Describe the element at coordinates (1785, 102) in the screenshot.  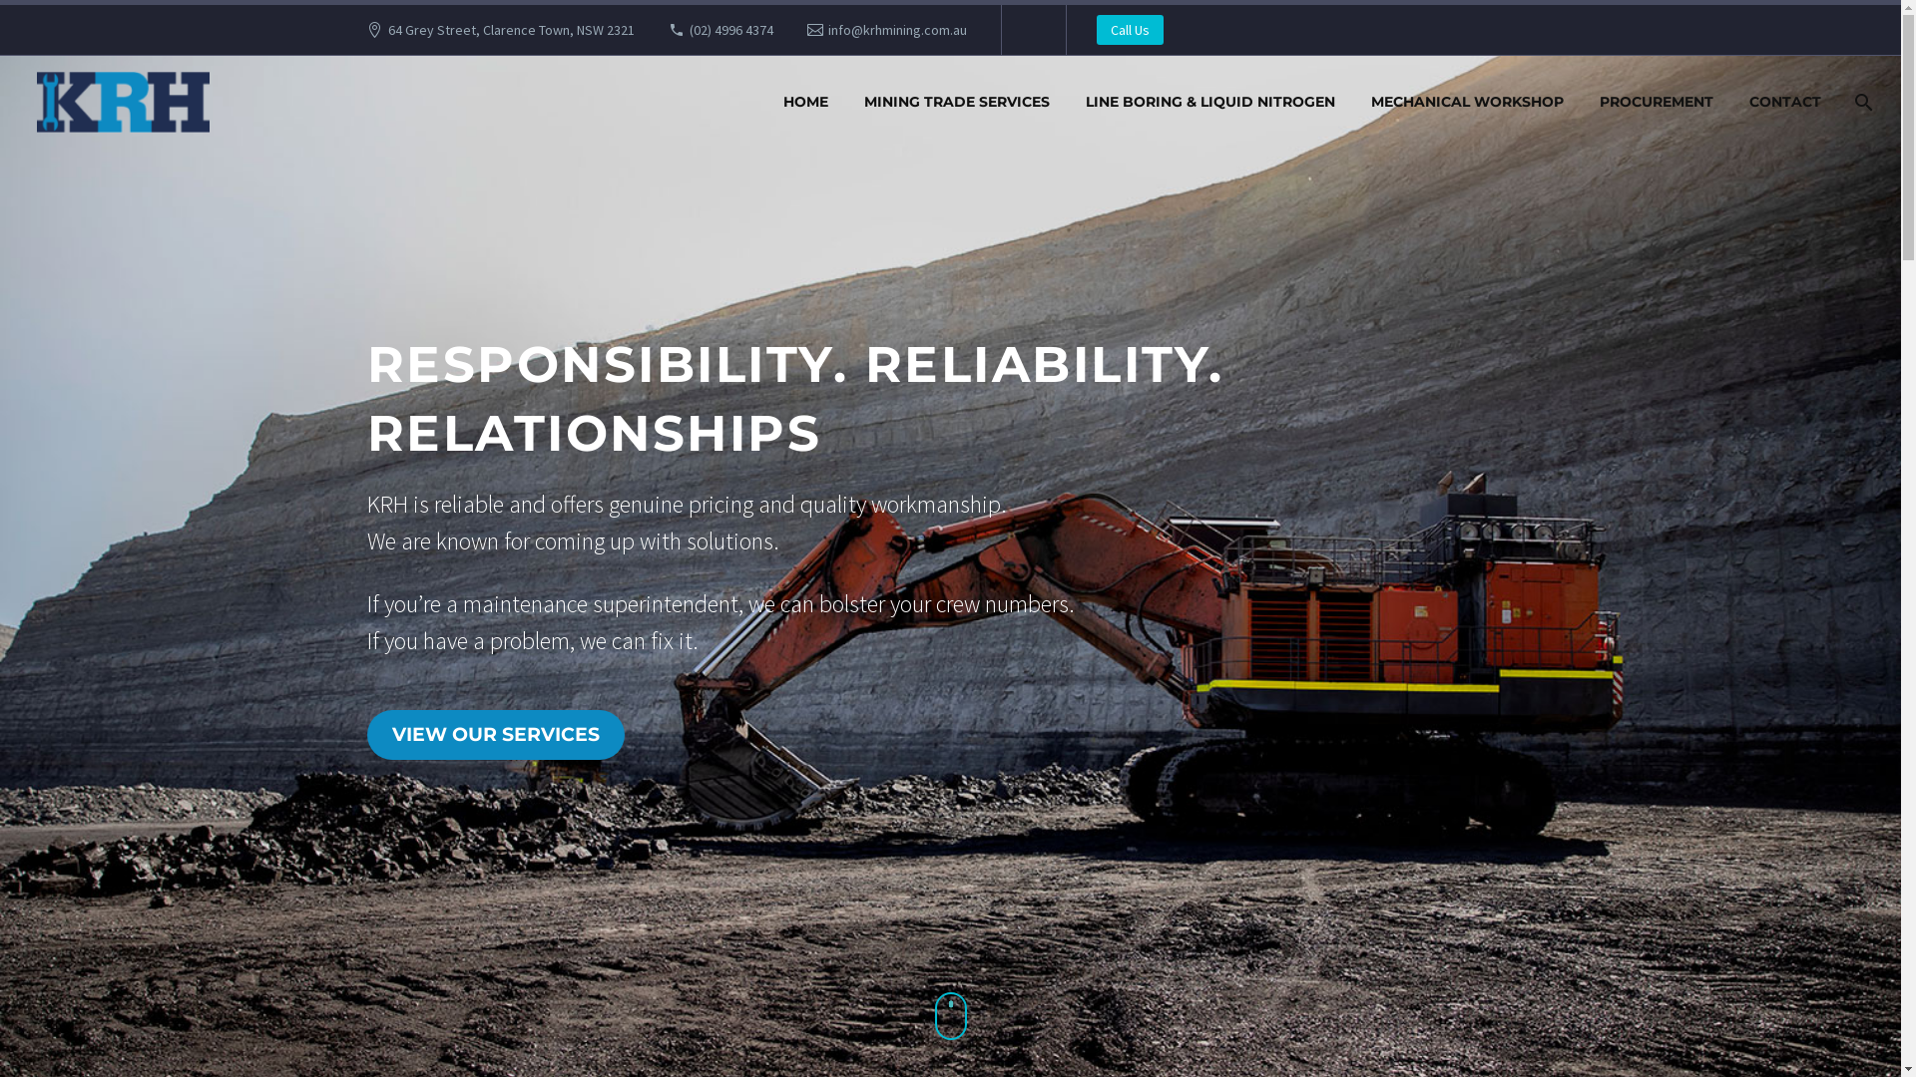
I see `'CONTACT'` at that location.